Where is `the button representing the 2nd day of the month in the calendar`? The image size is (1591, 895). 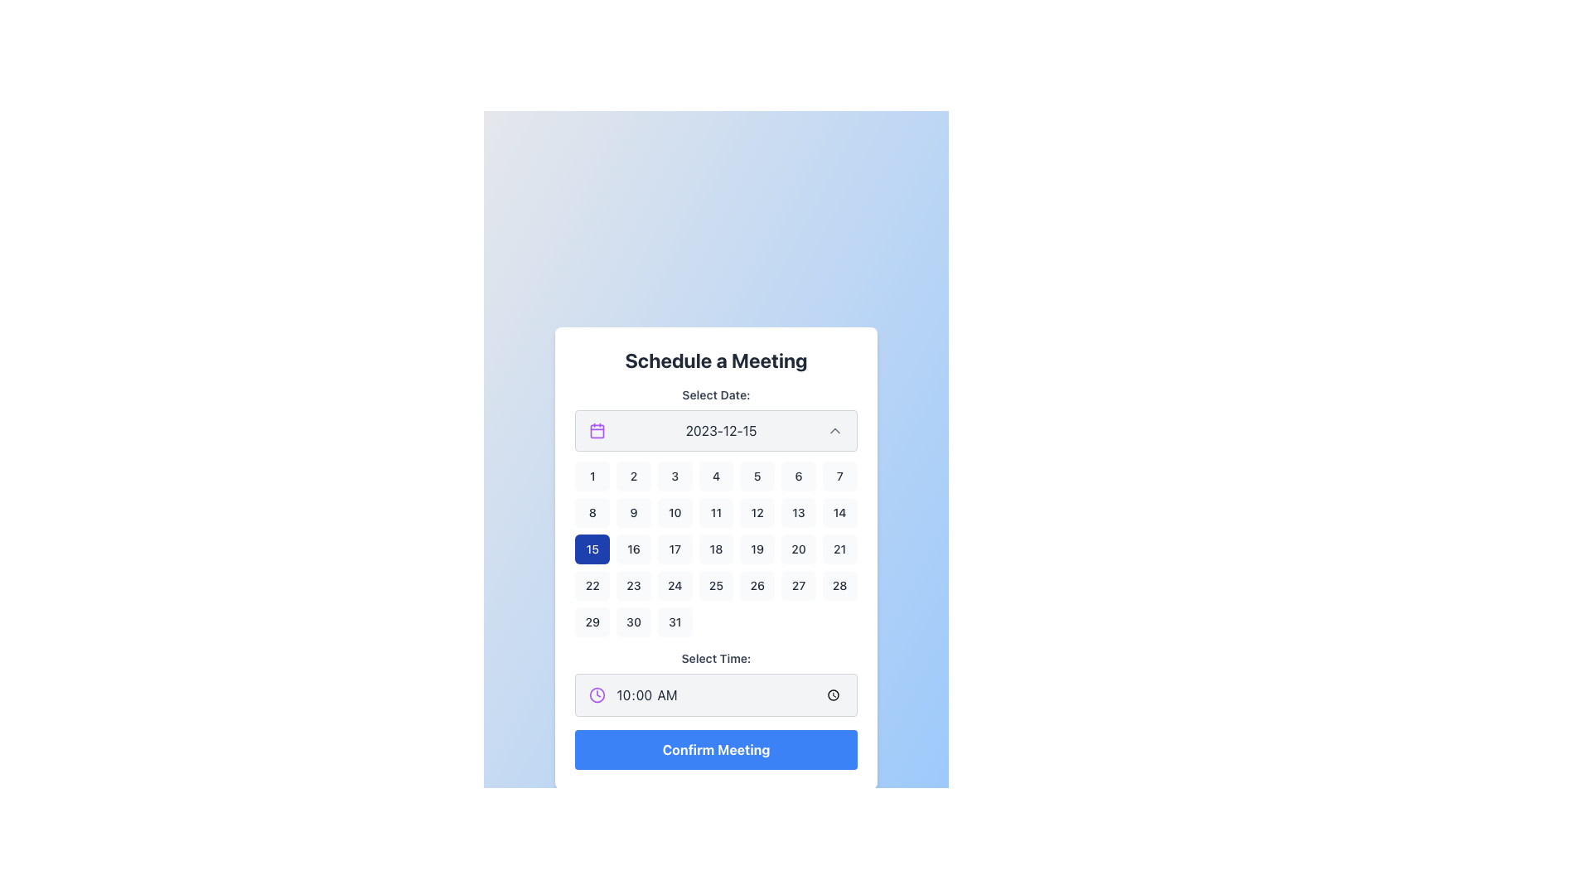 the button representing the 2nd day of the month in the calendar is located at coordinates (632, 476).